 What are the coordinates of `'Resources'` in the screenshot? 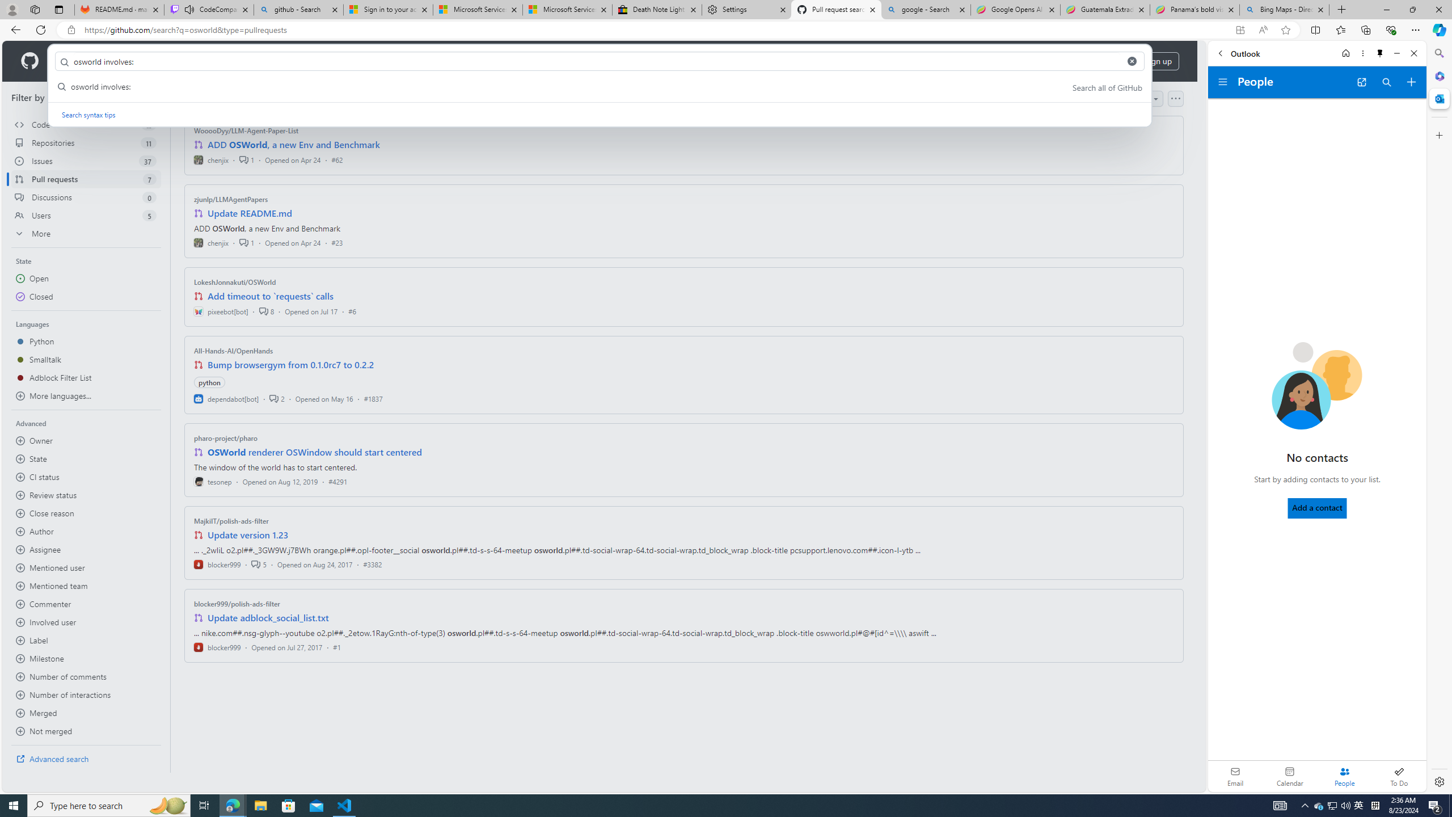 It's located at (187, 61).